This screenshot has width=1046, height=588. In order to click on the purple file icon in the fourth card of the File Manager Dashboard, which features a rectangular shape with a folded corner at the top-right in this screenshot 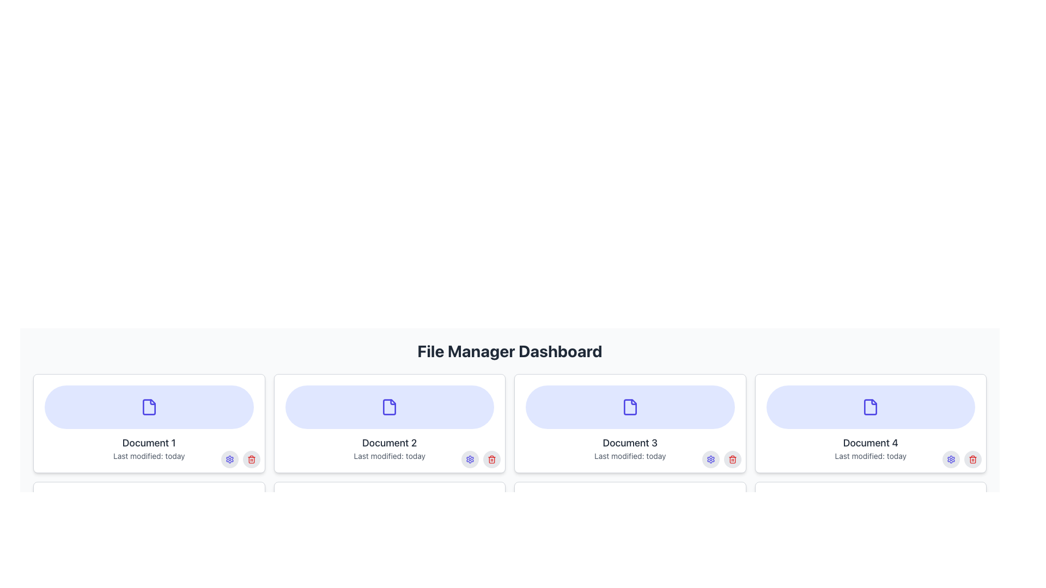, I will do `click(870, 407)`.